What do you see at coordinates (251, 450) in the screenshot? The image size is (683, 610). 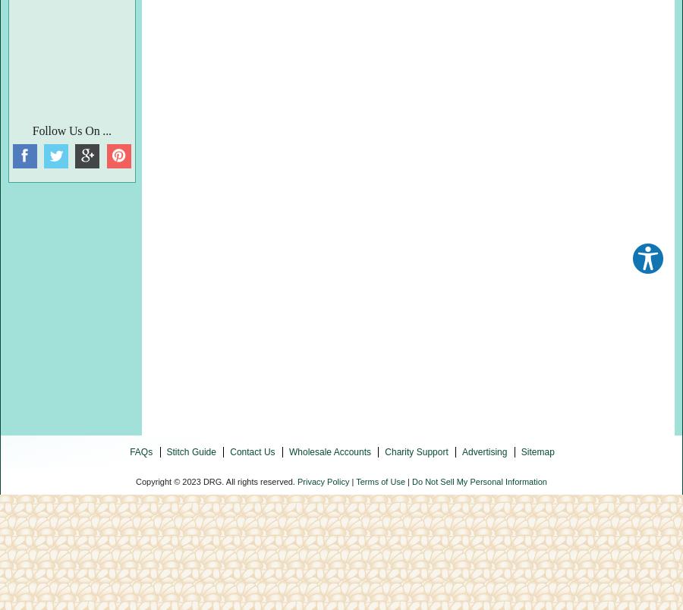 I see `'Contact Us'` at bounding box center [251, 450].